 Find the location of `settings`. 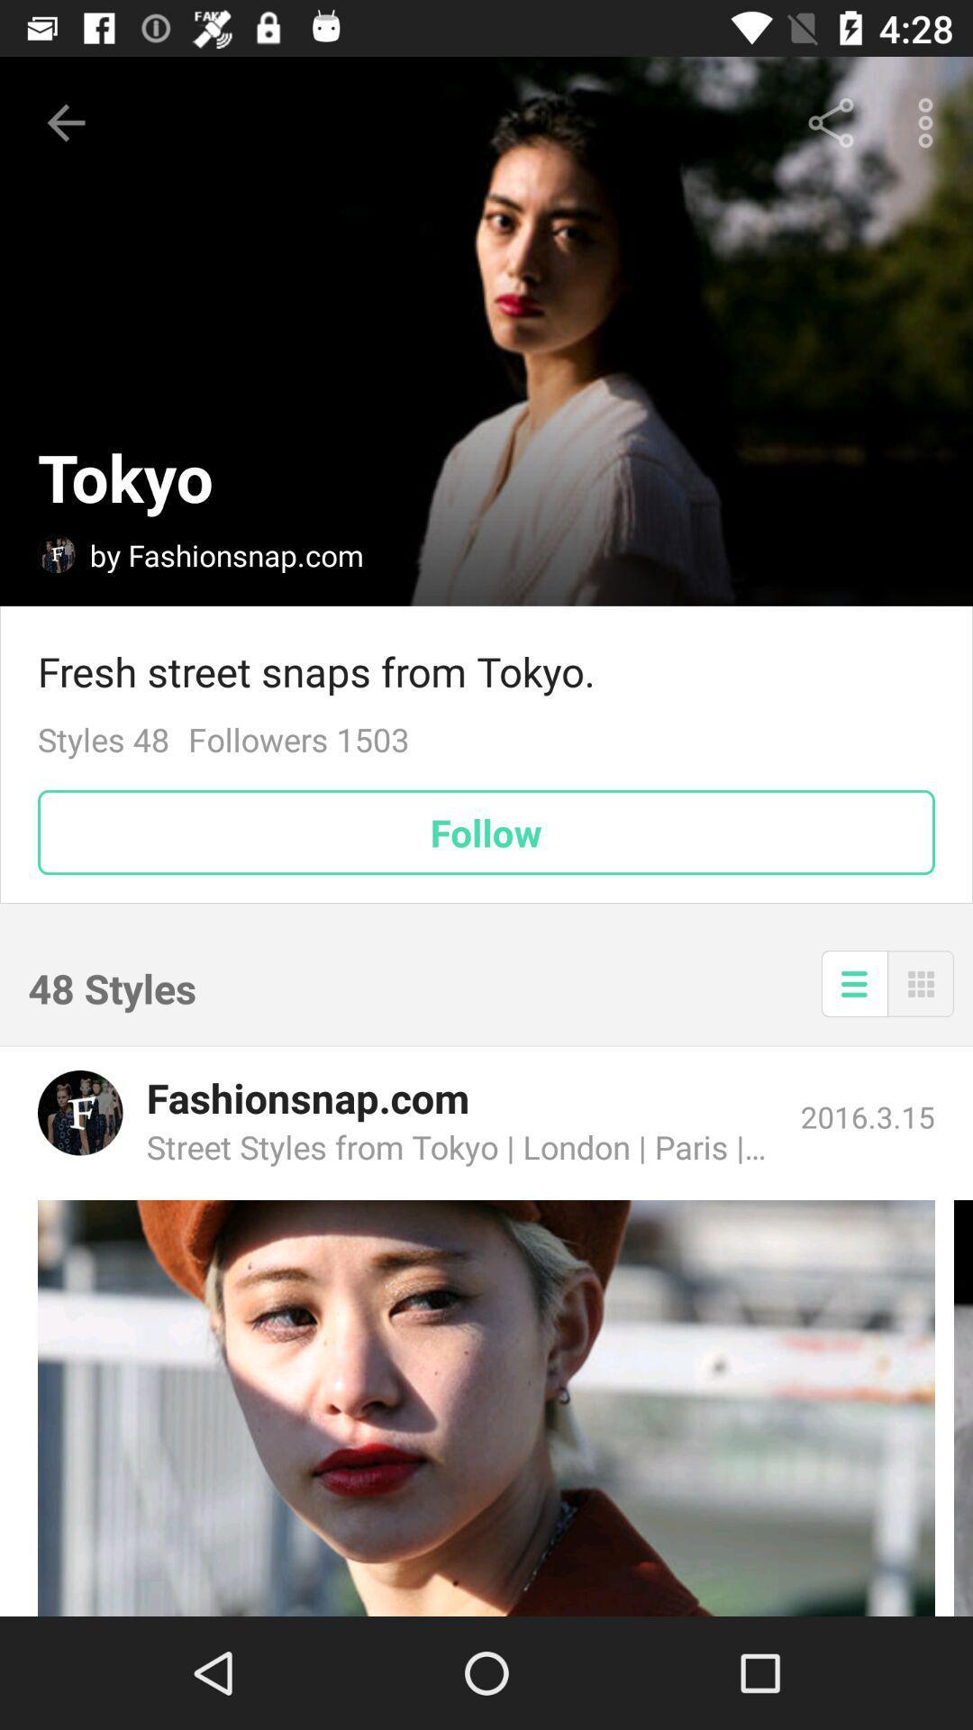

settings is located at coordinates (853, 982).